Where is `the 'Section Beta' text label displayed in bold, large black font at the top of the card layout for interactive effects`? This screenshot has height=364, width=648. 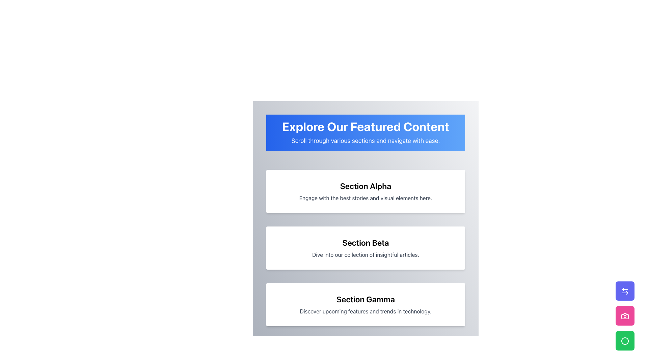 the 'Section Beta' text label displayed in bold, large black font at the top of the card layout for interactive effects is located at coordinates (365, 243).